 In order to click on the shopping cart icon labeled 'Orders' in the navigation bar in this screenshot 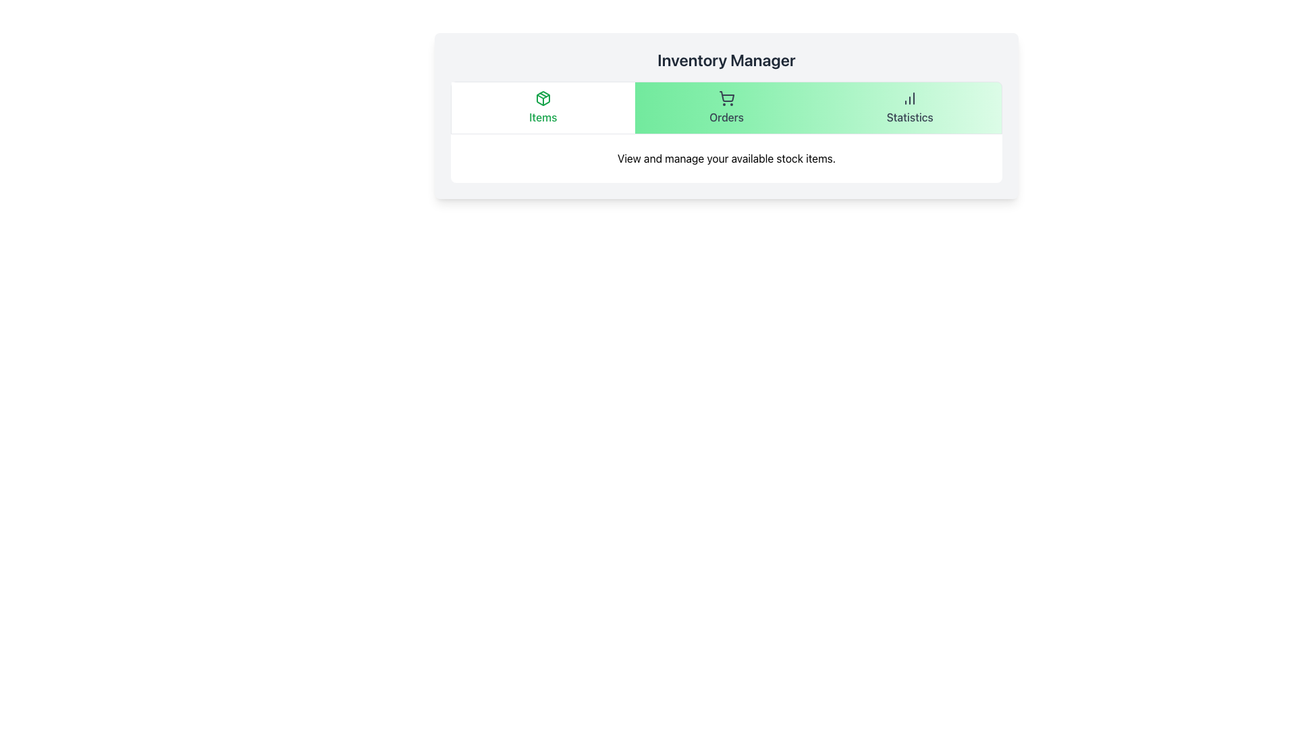, I will do `click(726, 107)`.